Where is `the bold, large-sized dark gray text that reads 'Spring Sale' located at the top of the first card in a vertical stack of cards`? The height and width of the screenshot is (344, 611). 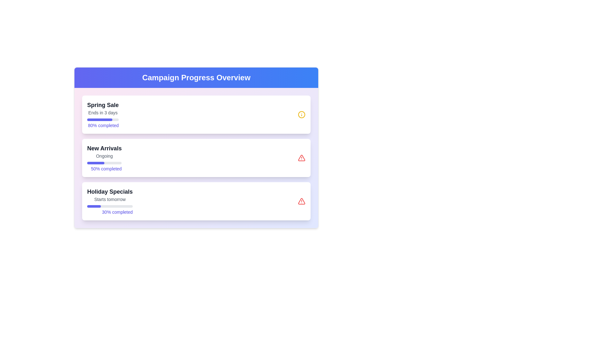 the bold, large-sized dark gray text that reads 'Spring Sale' located at the top of the first card in a vertical stack of cards is located at coordinates (103, 105).